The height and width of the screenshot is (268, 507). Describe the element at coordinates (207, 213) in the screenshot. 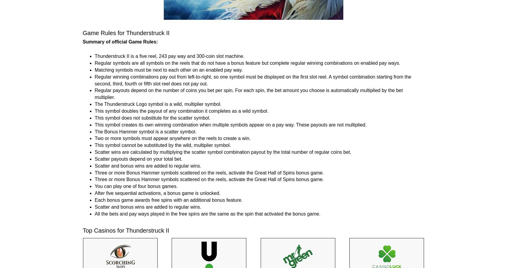

I see `'All the bets and pay ways played in the free spins are the same as the spin that activated the bonus game.'` at that location.